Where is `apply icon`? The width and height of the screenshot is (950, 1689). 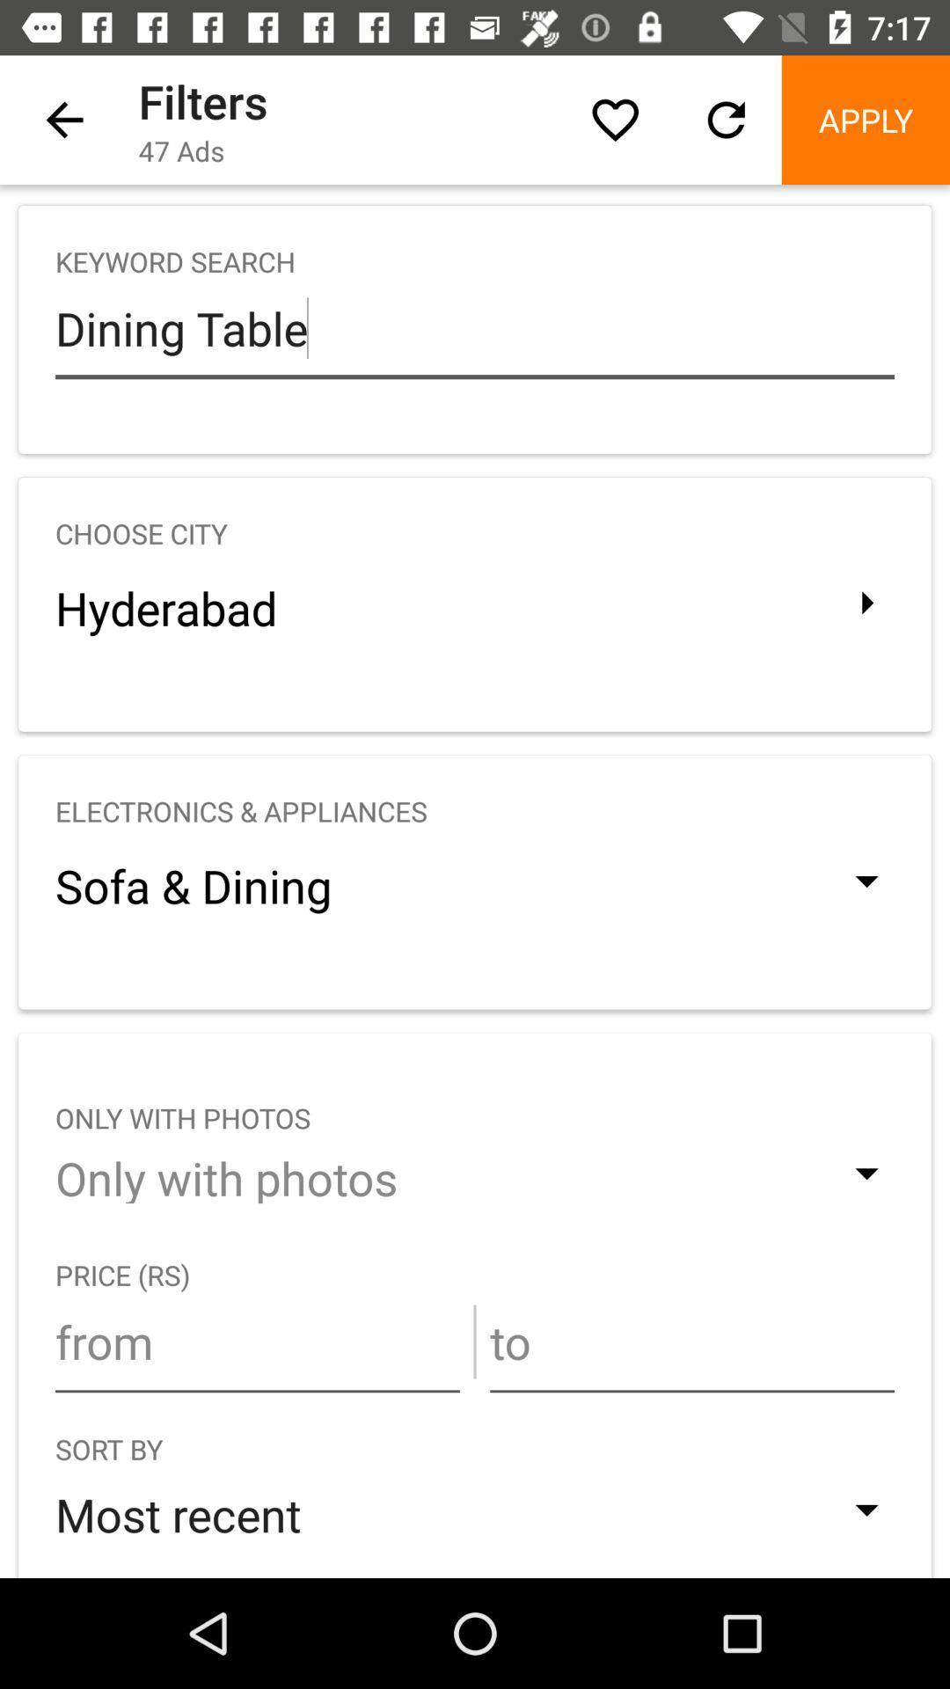
apply icon is located at coordinates (865, 119).